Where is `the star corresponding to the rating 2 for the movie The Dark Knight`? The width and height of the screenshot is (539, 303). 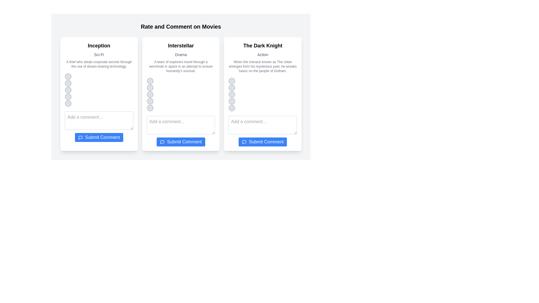
the star corresponding to the rating 2 for the movie The Dark Knight is located at coordinates (232, 88).